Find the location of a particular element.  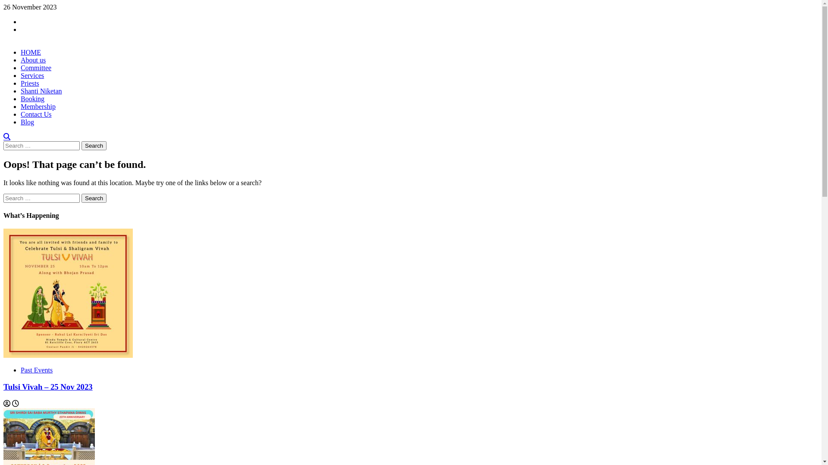

'Services' is located at coordinates (32, 75).